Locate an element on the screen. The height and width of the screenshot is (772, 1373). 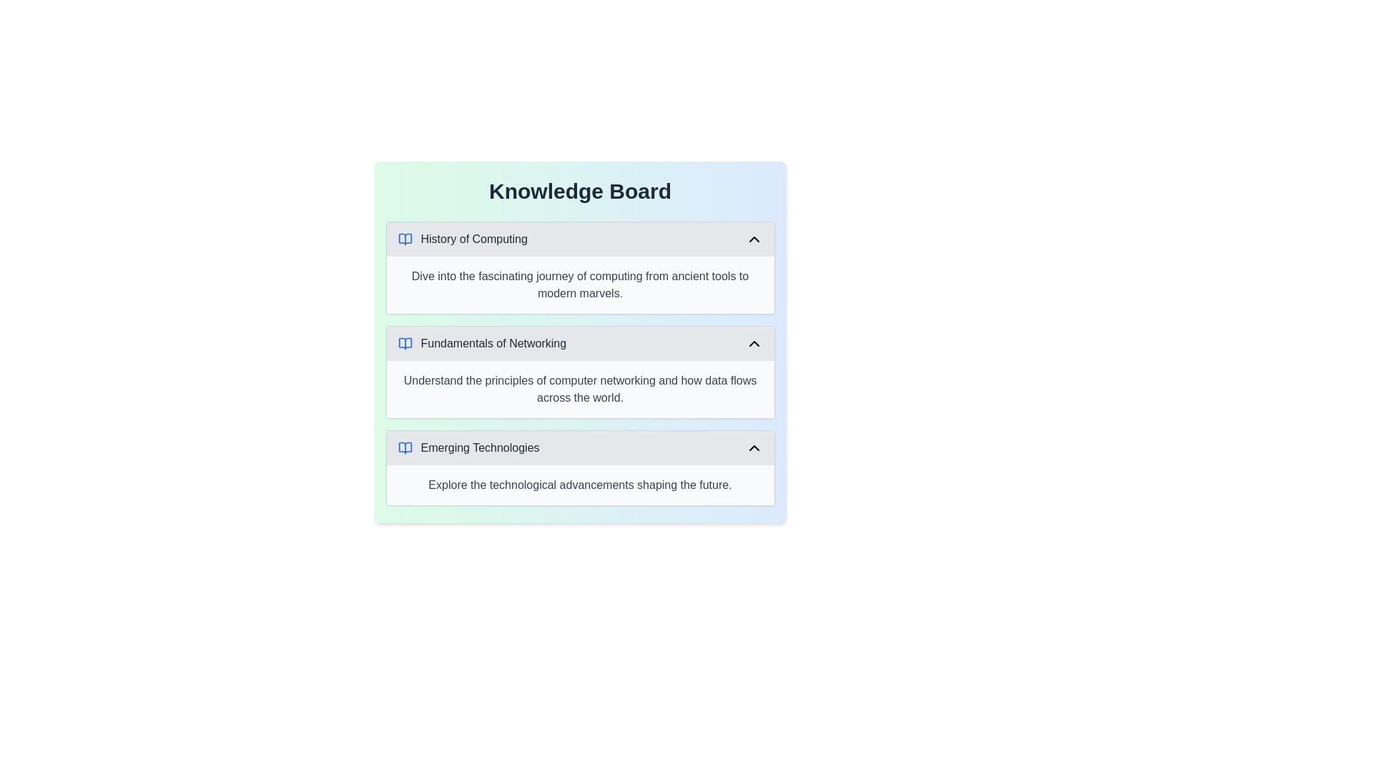
the blue open book icon located to the left of the 'History of Computing' text in the first row of items is located at coordinates (404, 239).